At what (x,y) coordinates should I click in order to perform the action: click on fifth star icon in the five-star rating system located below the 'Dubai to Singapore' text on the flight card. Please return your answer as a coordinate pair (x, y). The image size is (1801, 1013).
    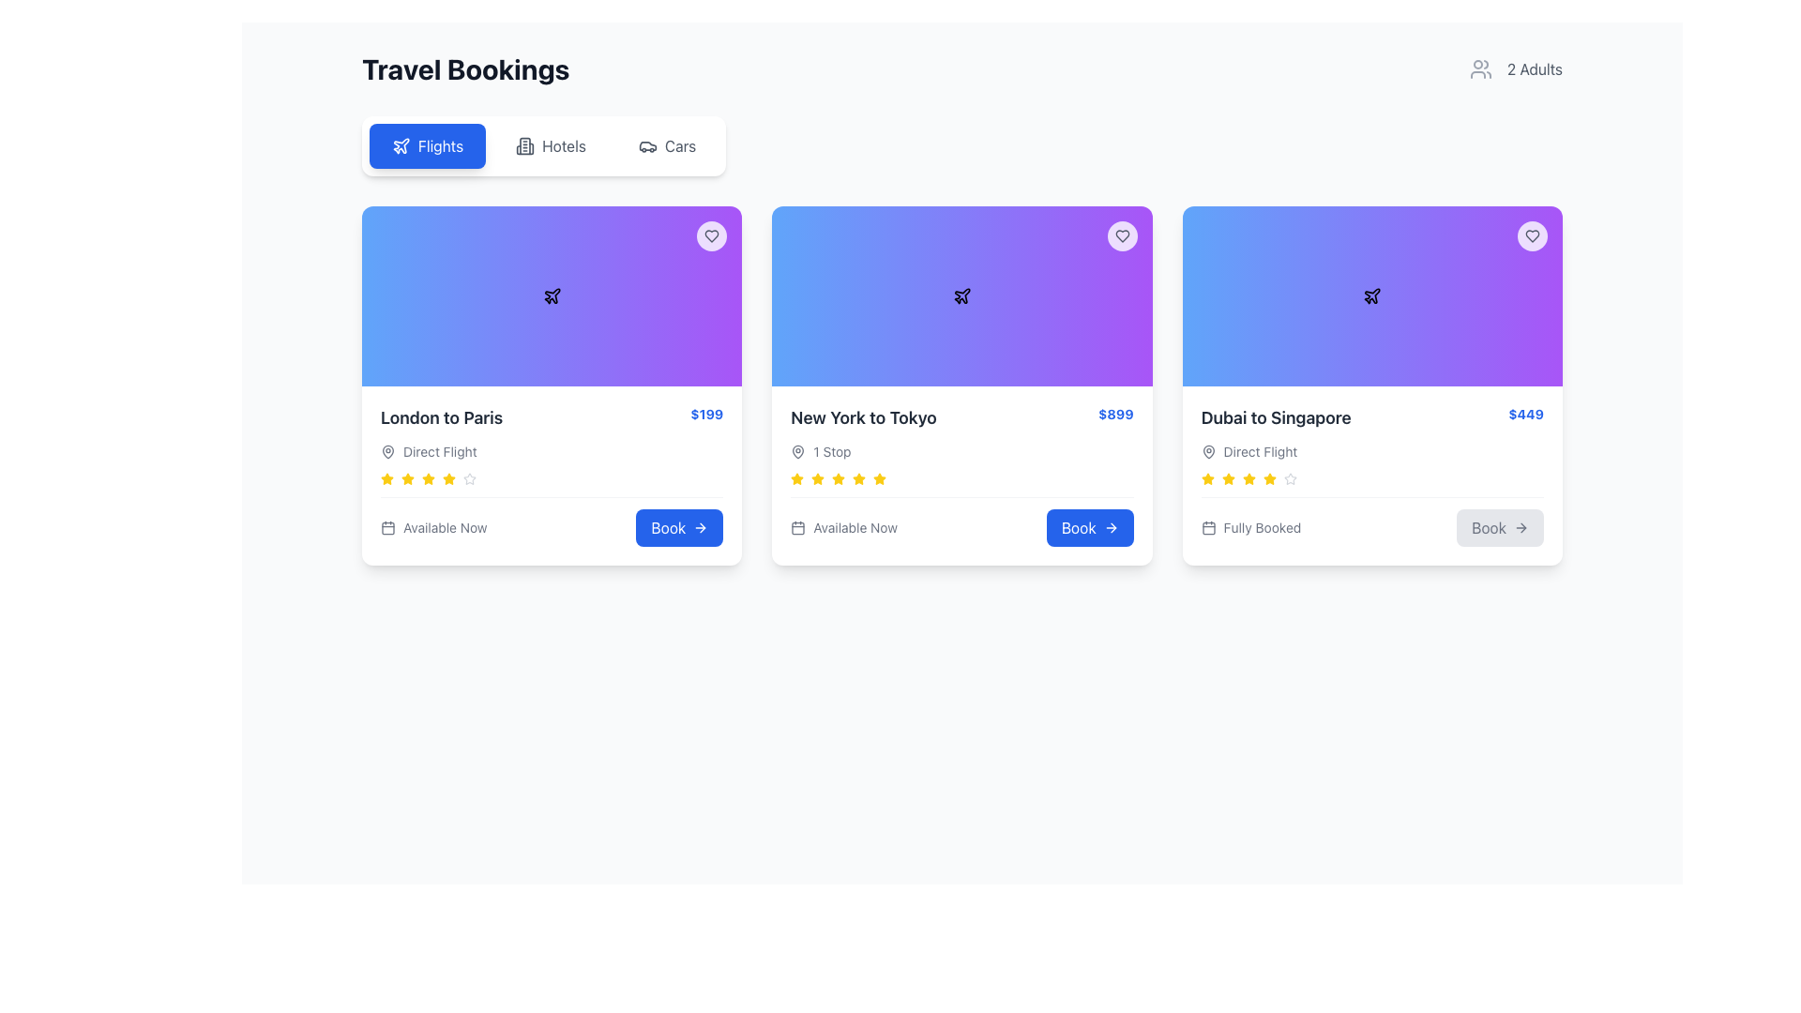
    Looking at the image, I should click on (1249, 477).